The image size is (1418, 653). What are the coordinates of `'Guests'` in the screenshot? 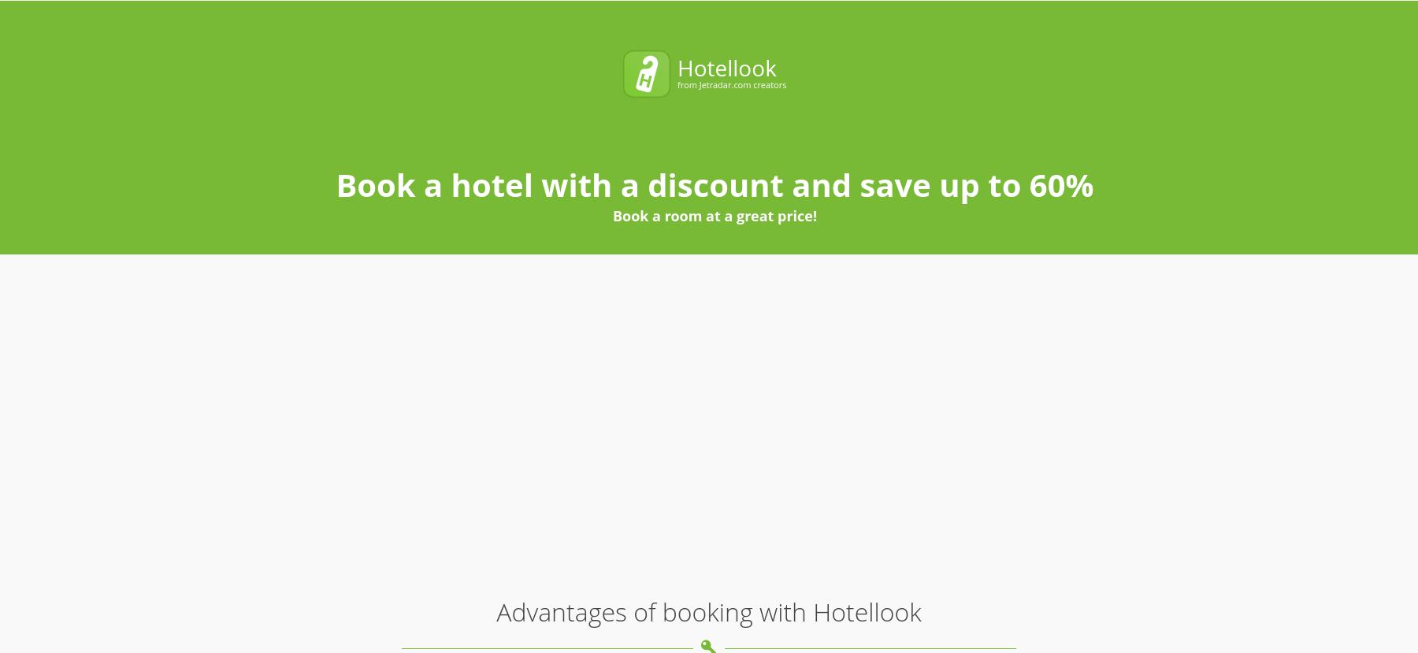 It's located at (865, 31).